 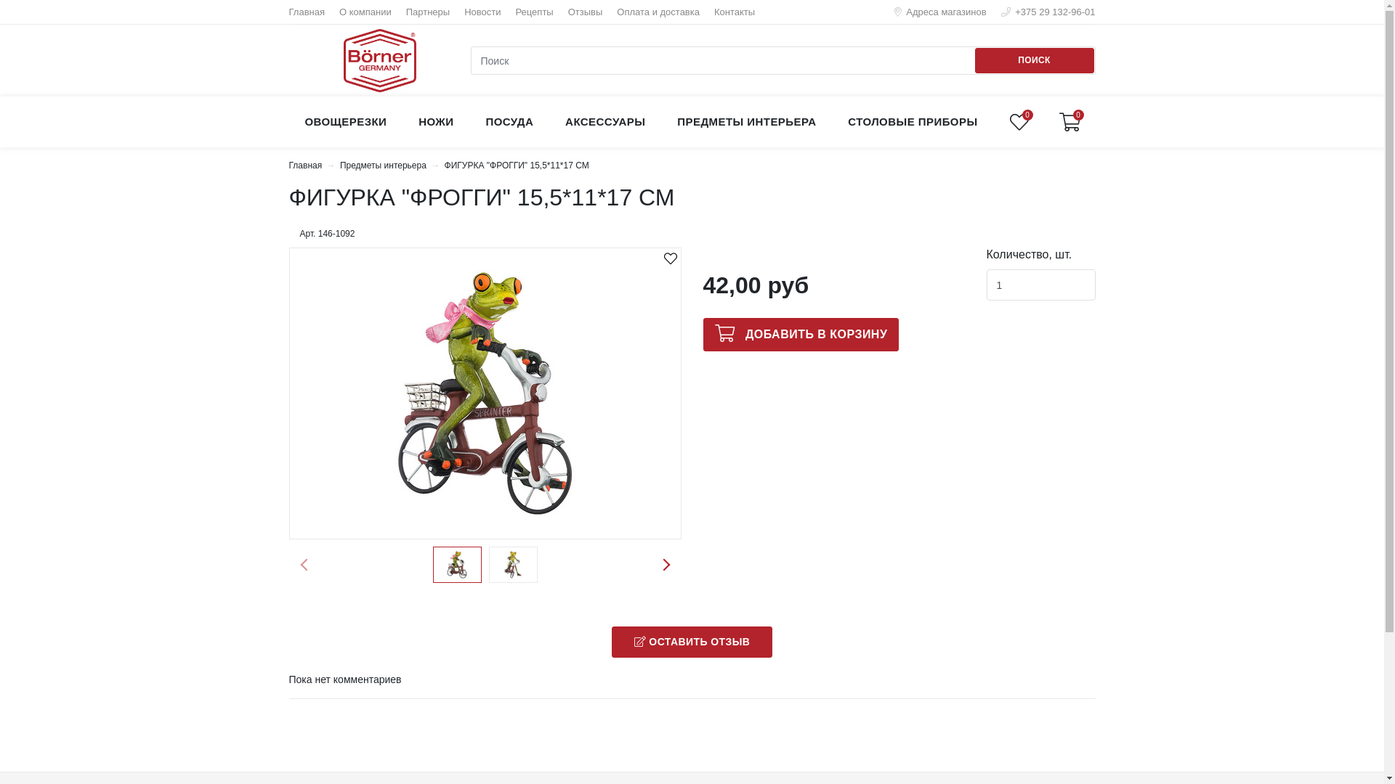 I want to click on '0', so click(x=1018, y=121).